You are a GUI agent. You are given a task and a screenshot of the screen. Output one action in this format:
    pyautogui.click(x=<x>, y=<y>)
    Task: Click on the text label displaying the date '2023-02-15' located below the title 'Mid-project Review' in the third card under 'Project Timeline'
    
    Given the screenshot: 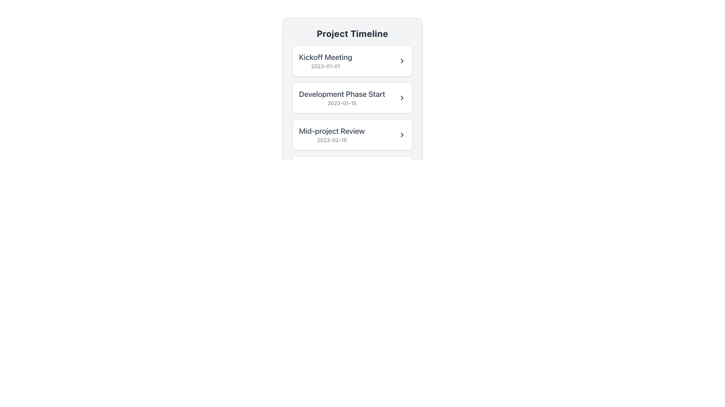 What is the action you would take?
    pyautogui.click(x=332, y=140)
    